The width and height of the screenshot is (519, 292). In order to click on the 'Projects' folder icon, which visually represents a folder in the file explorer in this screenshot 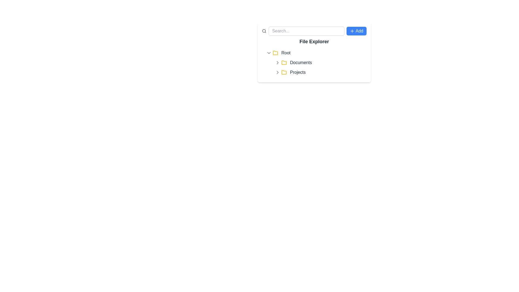, I will do `click(284, 72)`.